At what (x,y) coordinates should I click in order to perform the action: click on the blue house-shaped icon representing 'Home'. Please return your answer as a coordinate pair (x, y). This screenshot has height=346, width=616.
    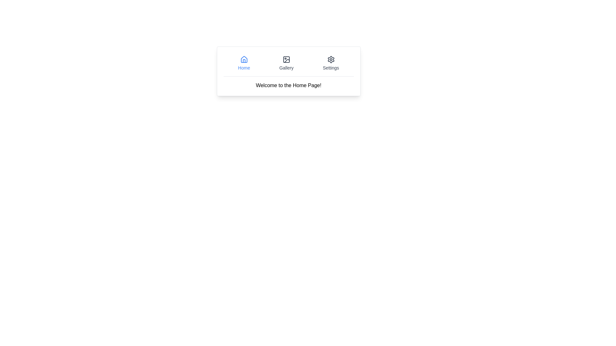
    Looking at the image, I should click on (244, 59).